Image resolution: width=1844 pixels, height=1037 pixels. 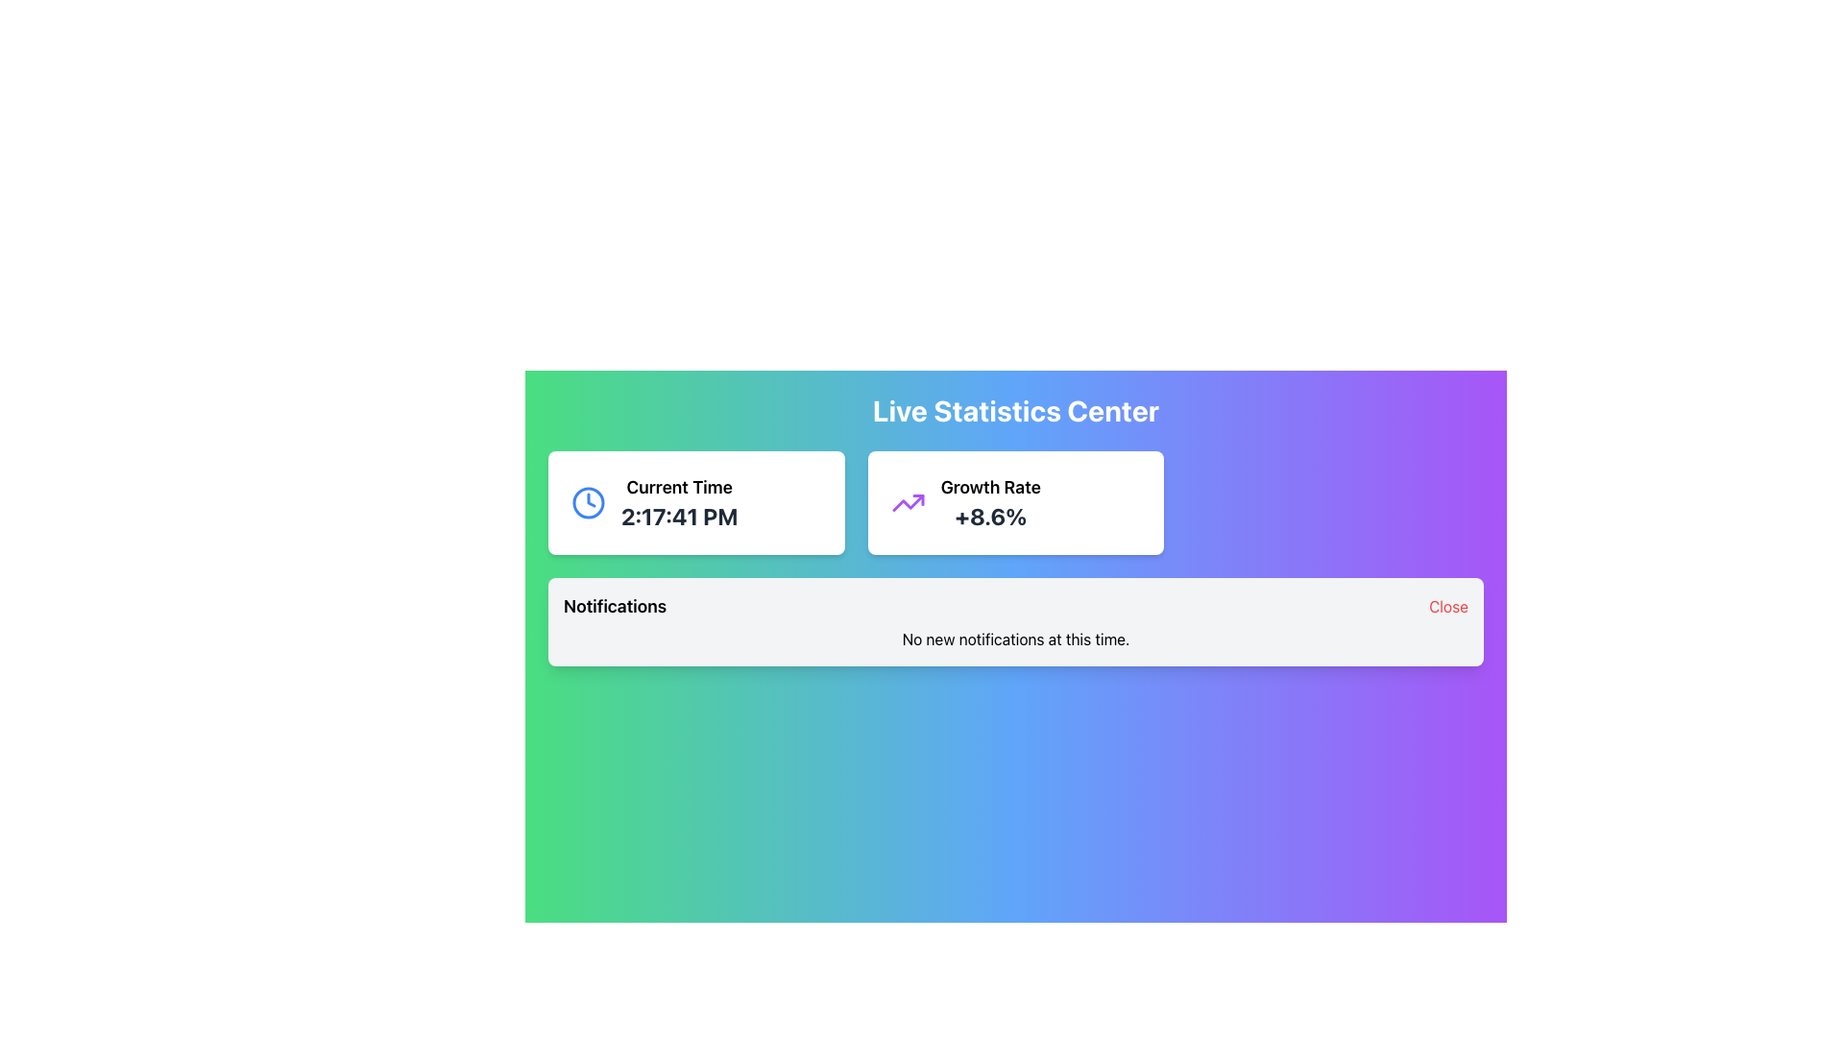 What do you see at coordinates (990, 502) in the screenshot?
I see `the Information Display Text element located in the top right part of the interface, which presents a growth statistic and is adjacent to a purple trend line icon under the title 'Live Statistics Center'` at bounding box center [990, 502].